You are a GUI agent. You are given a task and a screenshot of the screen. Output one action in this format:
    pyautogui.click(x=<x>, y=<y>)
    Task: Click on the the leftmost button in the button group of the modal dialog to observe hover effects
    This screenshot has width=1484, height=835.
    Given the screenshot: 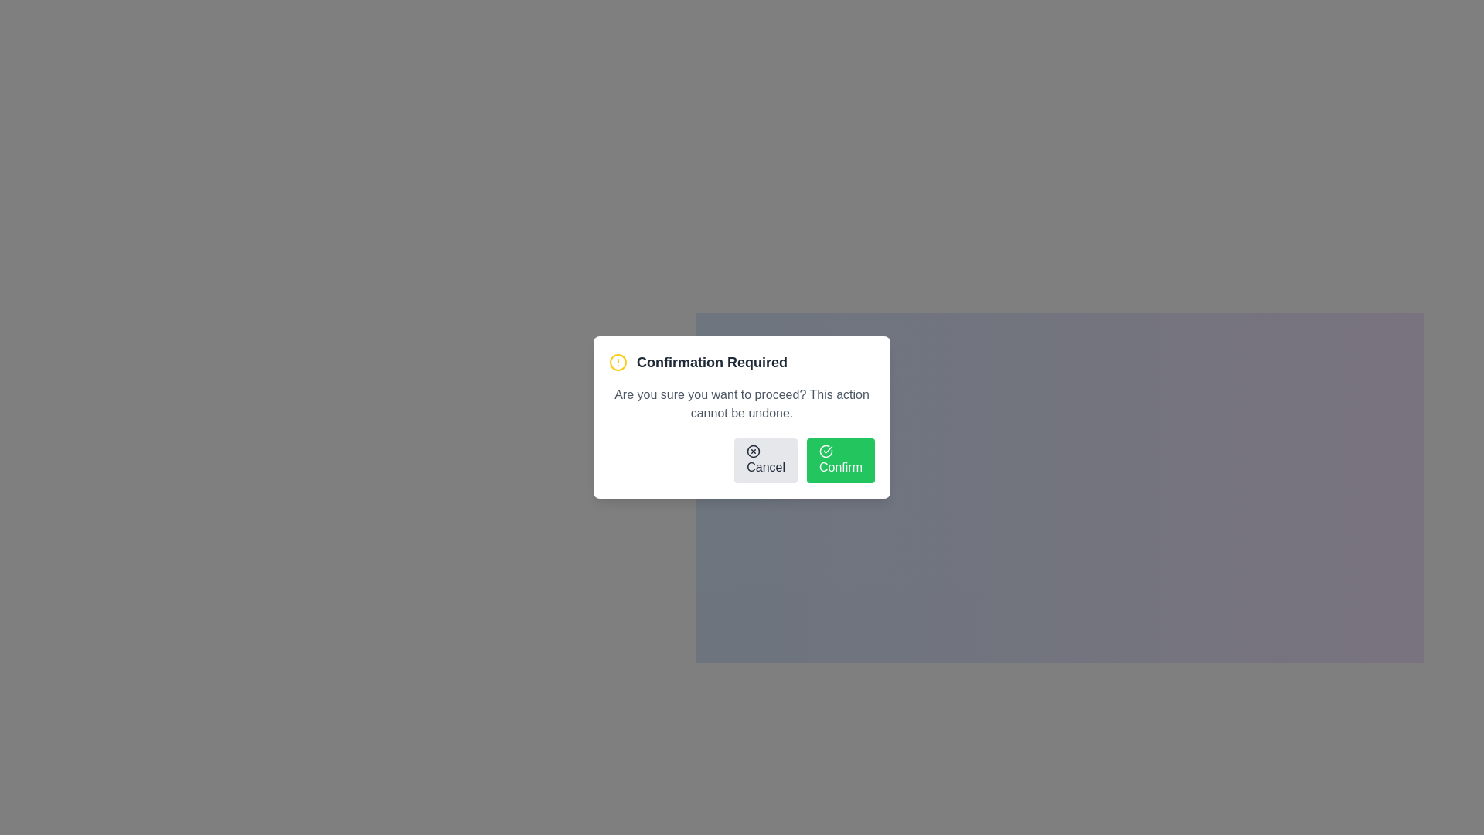 What is the action you would take?
    pyautogui.click(x=766, y=460)
    